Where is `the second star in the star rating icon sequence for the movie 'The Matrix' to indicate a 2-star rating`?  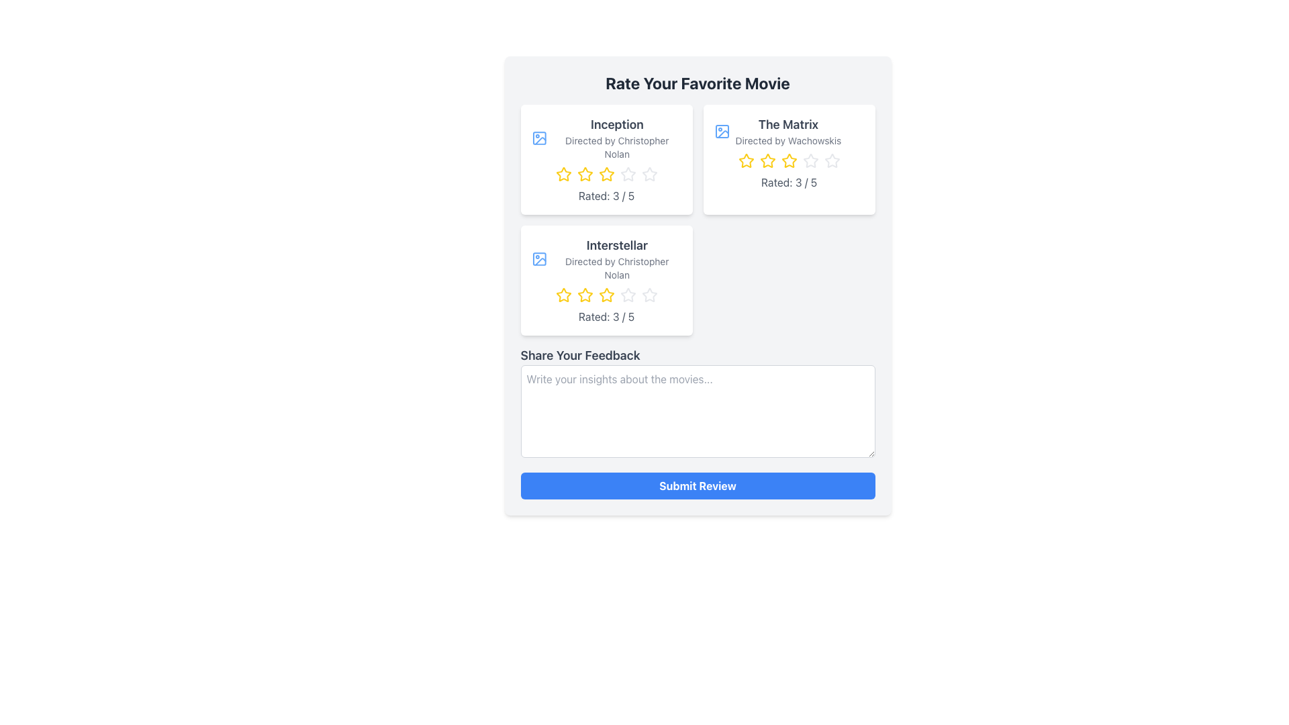
the second star in the star rating icon sequence for the movie 'The Matrix' to indicate a 2-star rating is located at coordinates (767, 160).